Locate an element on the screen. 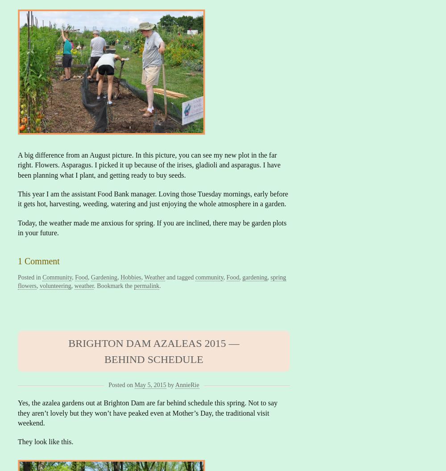  'Posted on' is located at coordinates (108, 384).